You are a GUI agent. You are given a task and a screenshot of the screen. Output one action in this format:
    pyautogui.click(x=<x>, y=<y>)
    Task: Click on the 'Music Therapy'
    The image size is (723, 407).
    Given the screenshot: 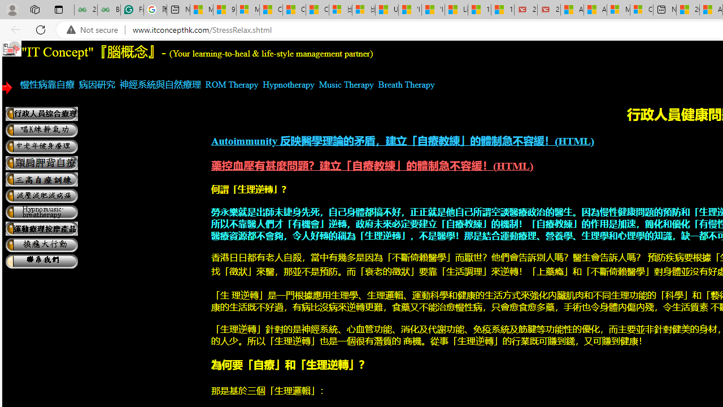 What is the action you would take?
    pyautogui.click(x=346, y=84)
    